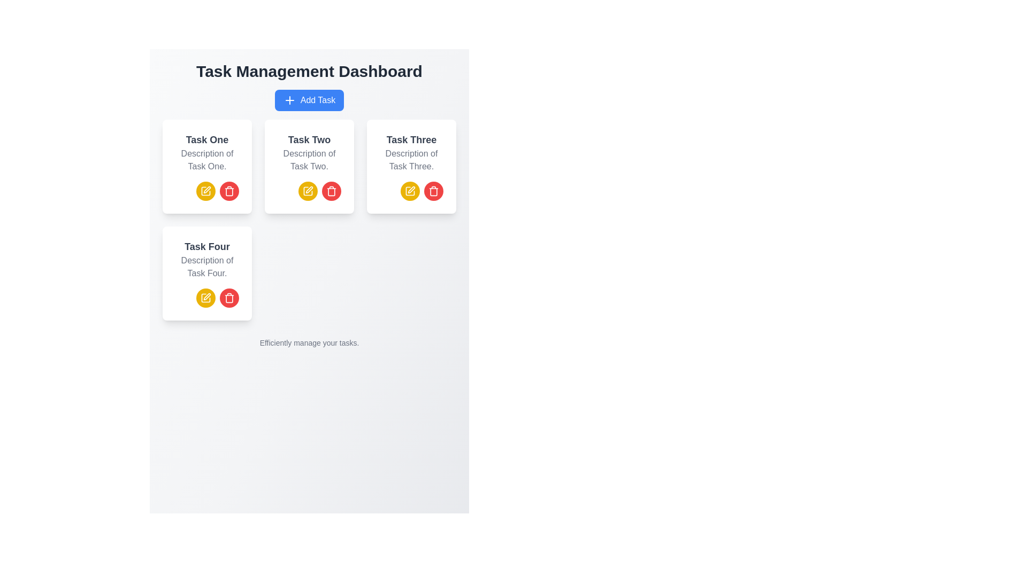  I want to click on the 'Edit Task' button icon located in the lower section of the 'Task Two' card to possibly reveal additional information, so click(205, 298).